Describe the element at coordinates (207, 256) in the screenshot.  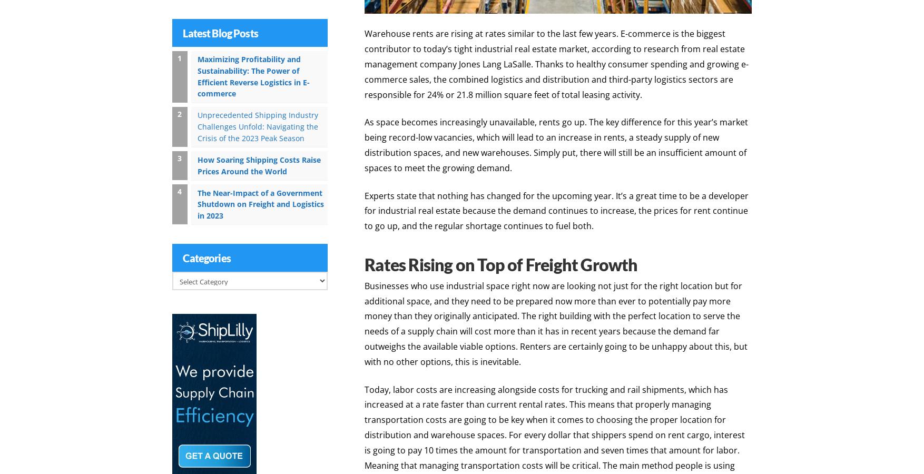
I see `'Categories'` at that location.